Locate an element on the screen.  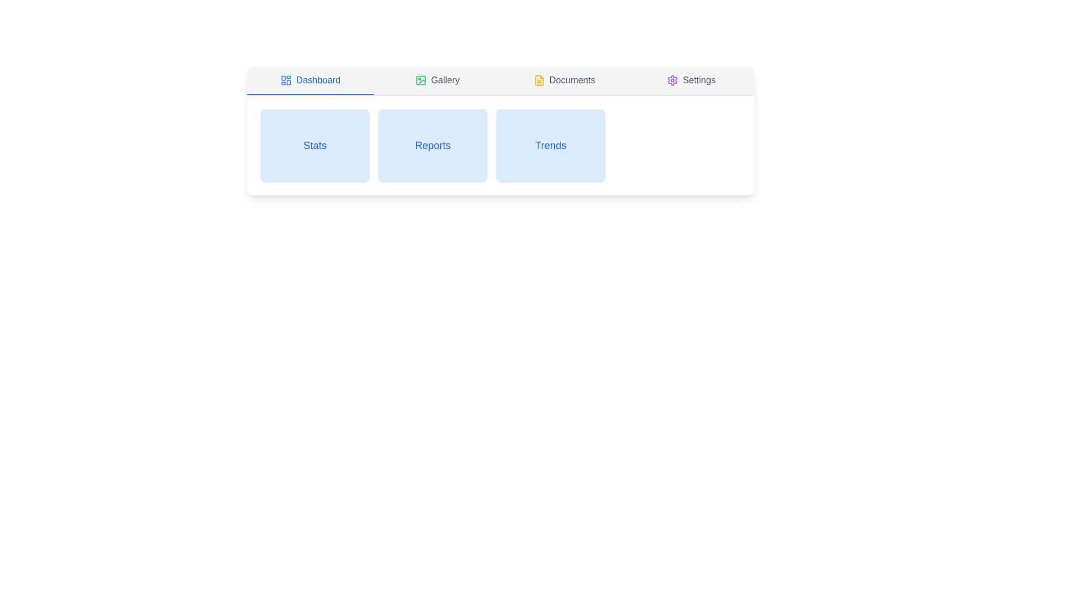
the settings icon located in the top-right navigation bar, to the left of the 'Settings' text label is located at coordinates (673, 80).